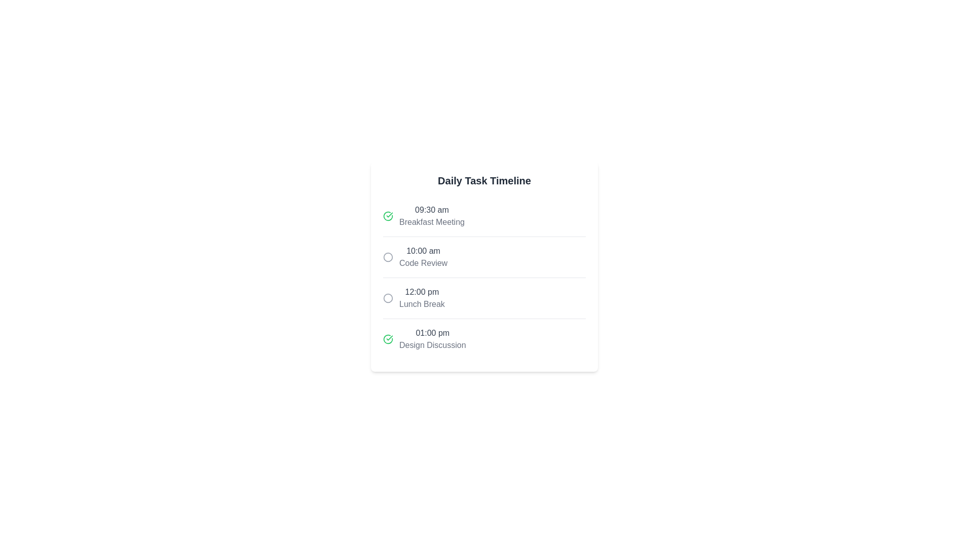 Image resolution: width=973 pixels, height=547 pixels. I want to click on the circular SVG icon associated with the timeline entry labeled '10:00 am - Code Review' to enhance visual clarity, so click(388, 256).